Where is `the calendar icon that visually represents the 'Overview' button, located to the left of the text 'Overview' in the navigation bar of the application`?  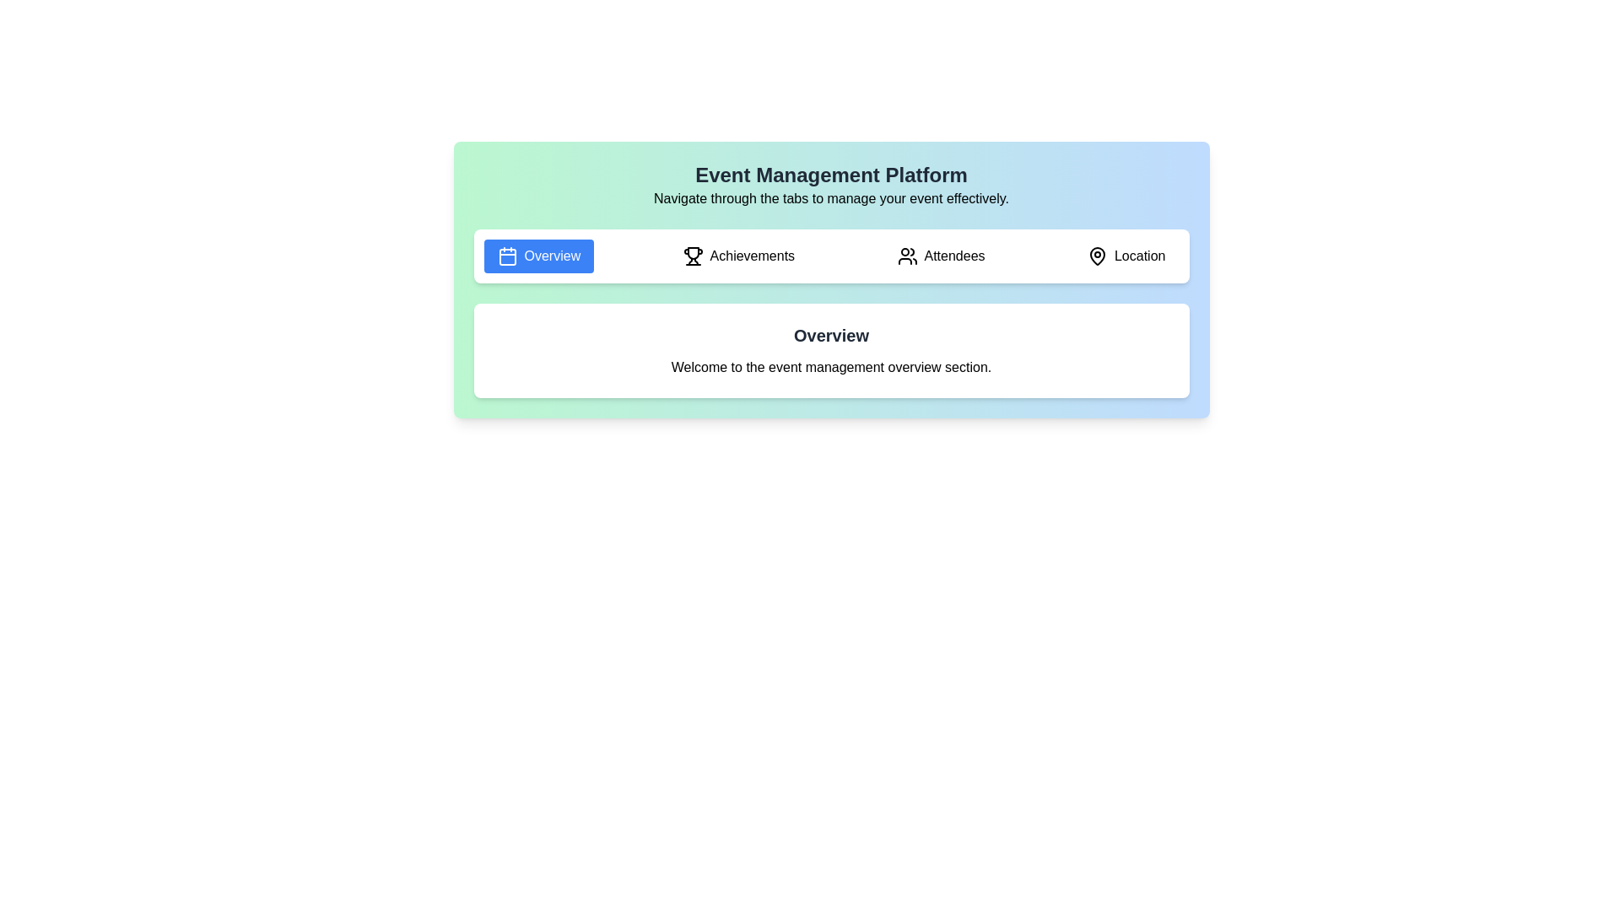
the calendar icon that visually represents the 'Overview' button, located to the left of the text 'Overview' in the navigation bar of the application is located at coordinates (506, 256).